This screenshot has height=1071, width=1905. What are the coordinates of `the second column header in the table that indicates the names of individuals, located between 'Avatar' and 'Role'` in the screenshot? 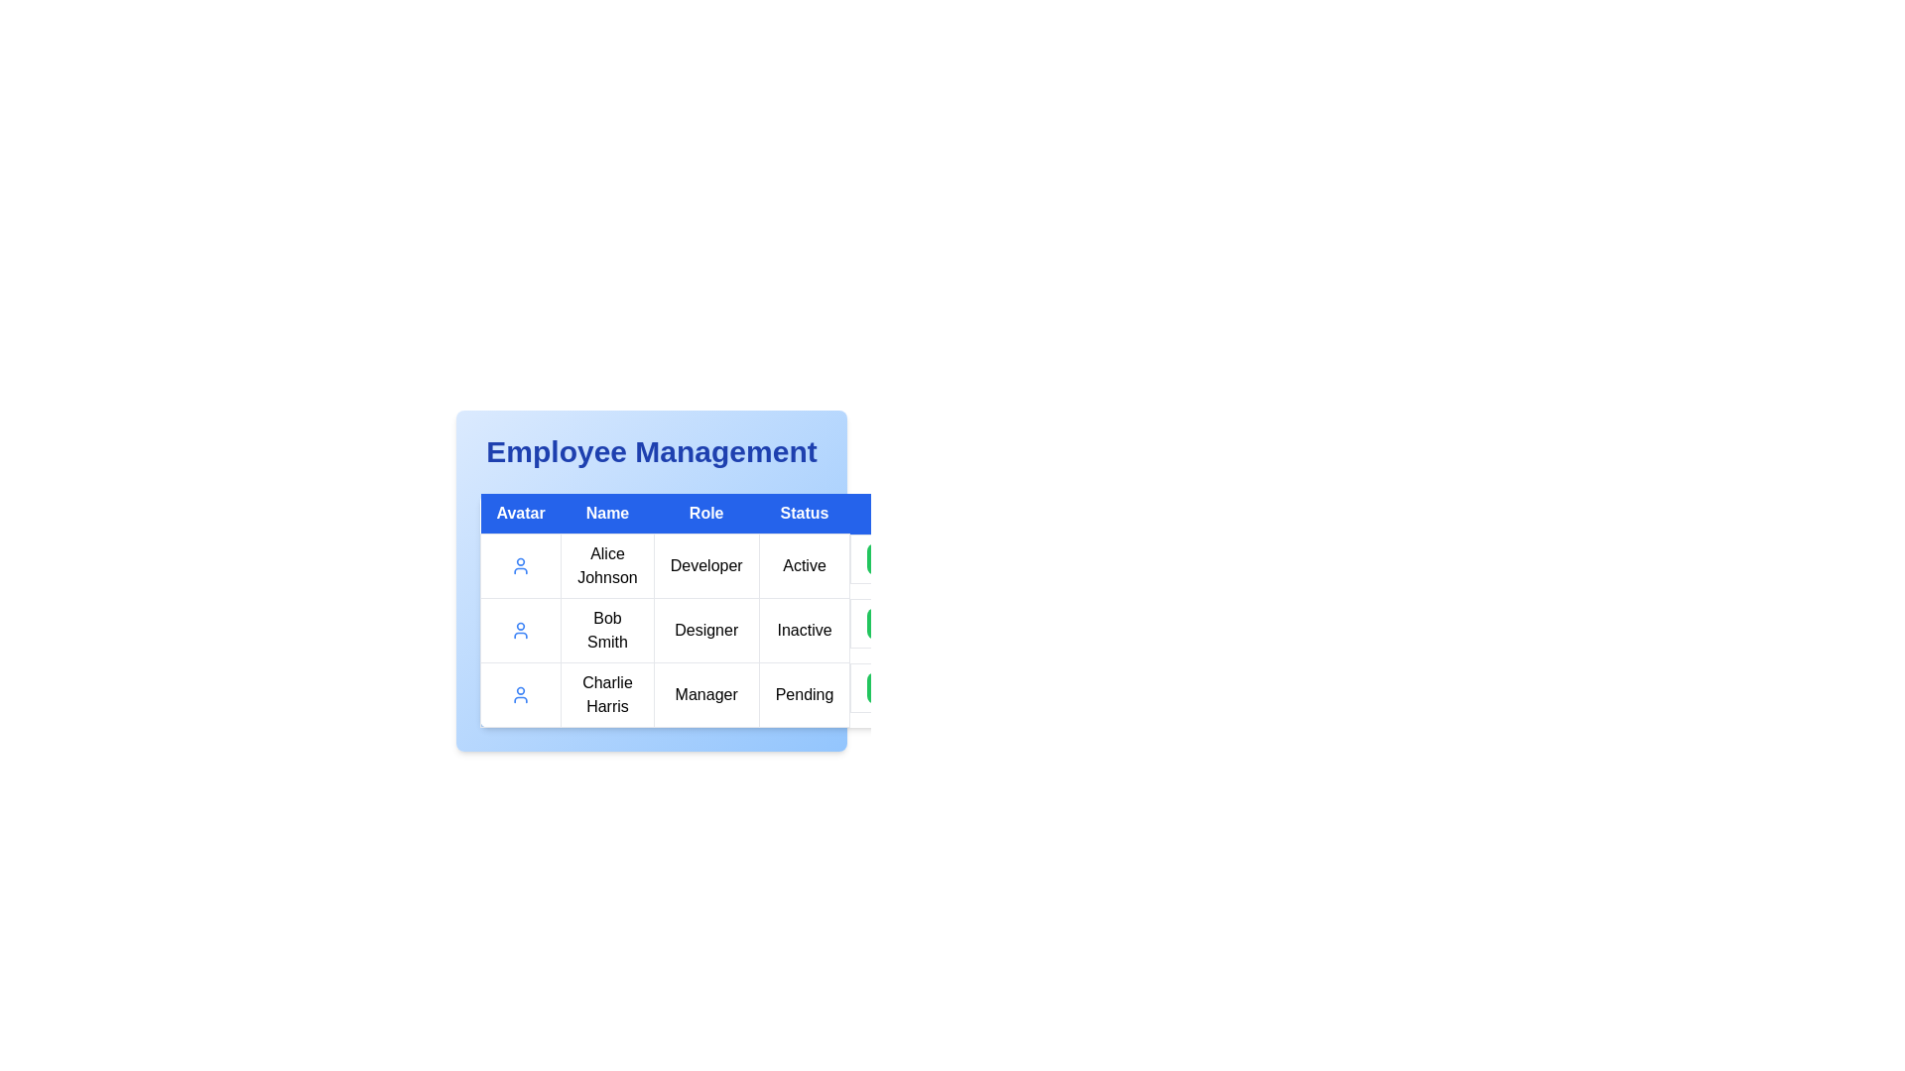 It's located at (606, 513).